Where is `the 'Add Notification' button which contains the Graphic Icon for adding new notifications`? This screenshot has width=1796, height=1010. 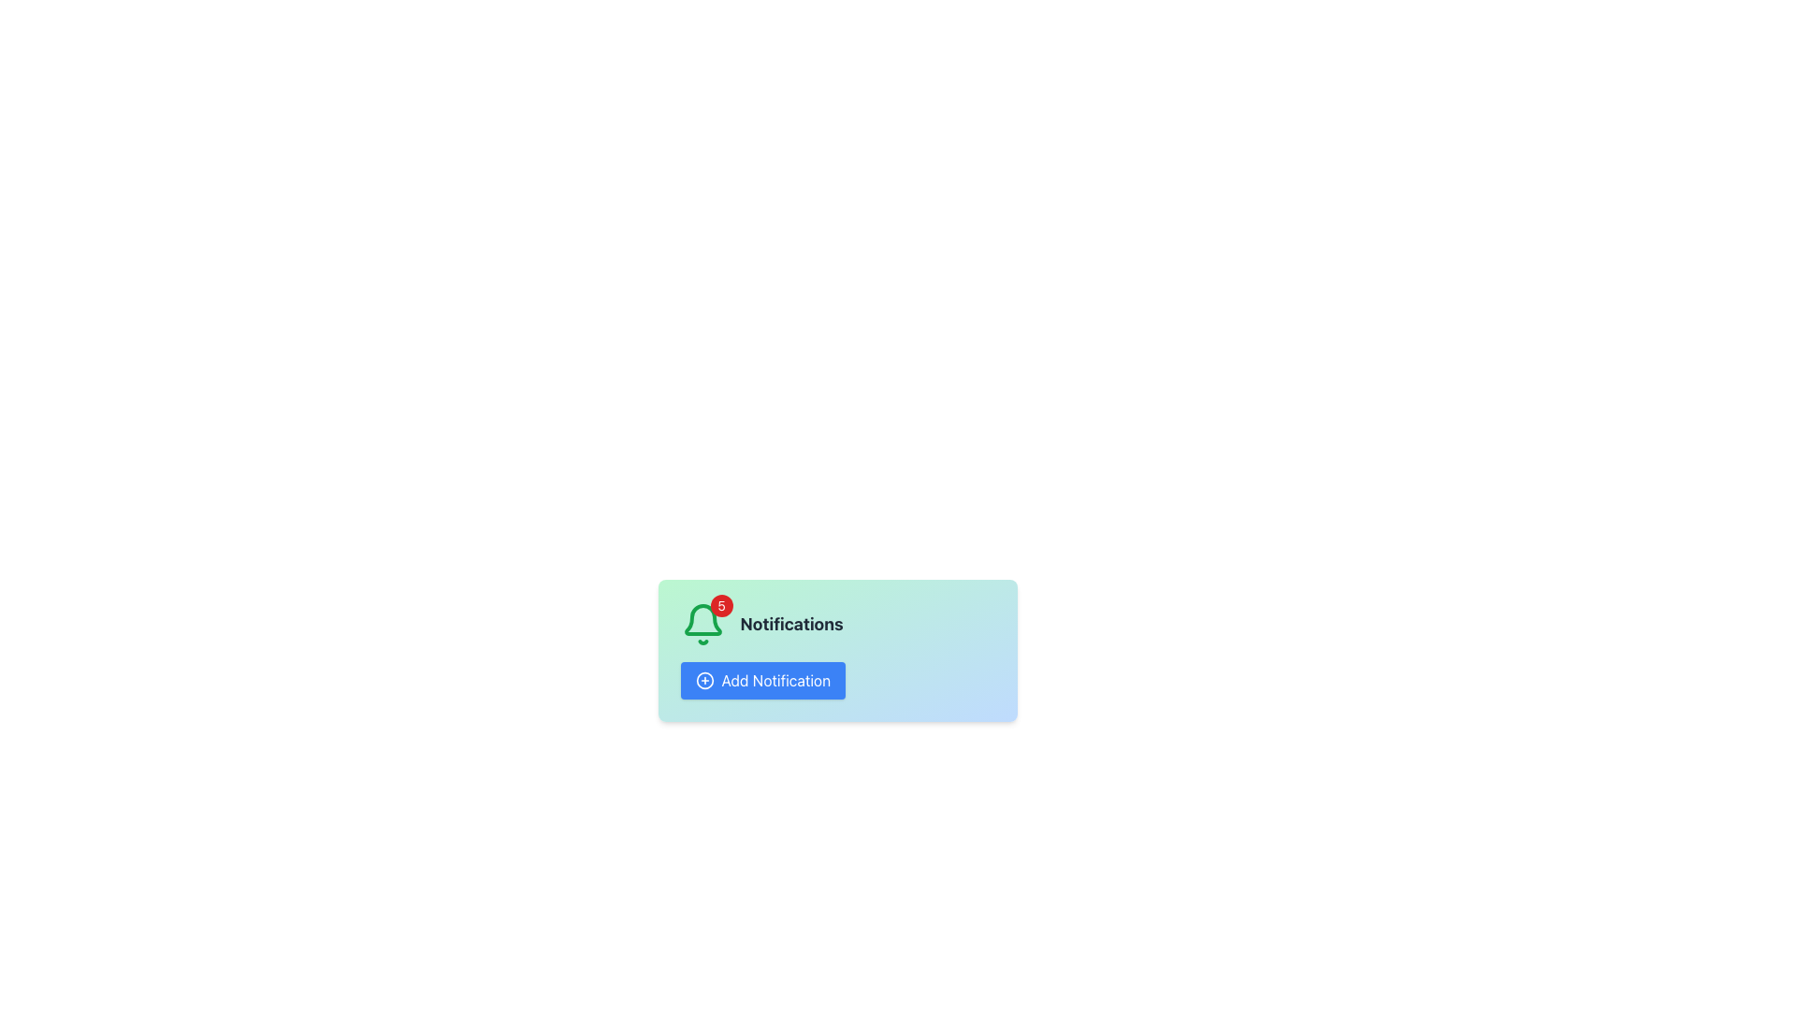
the 'Add Notification' button which contains the Graphic Icon for adding new notifications is located at coordinates (703, 681).